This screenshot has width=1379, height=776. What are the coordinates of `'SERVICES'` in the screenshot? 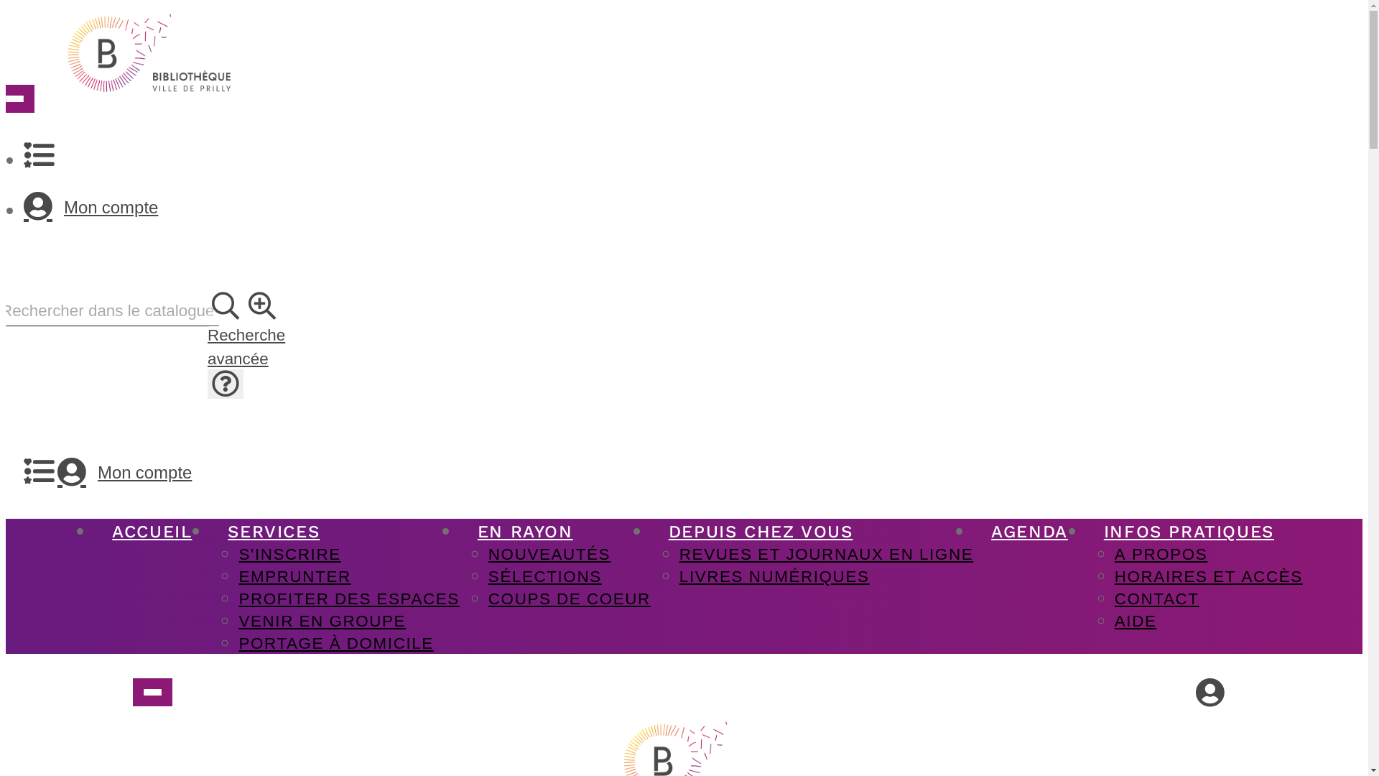 It's located at (273, 532).